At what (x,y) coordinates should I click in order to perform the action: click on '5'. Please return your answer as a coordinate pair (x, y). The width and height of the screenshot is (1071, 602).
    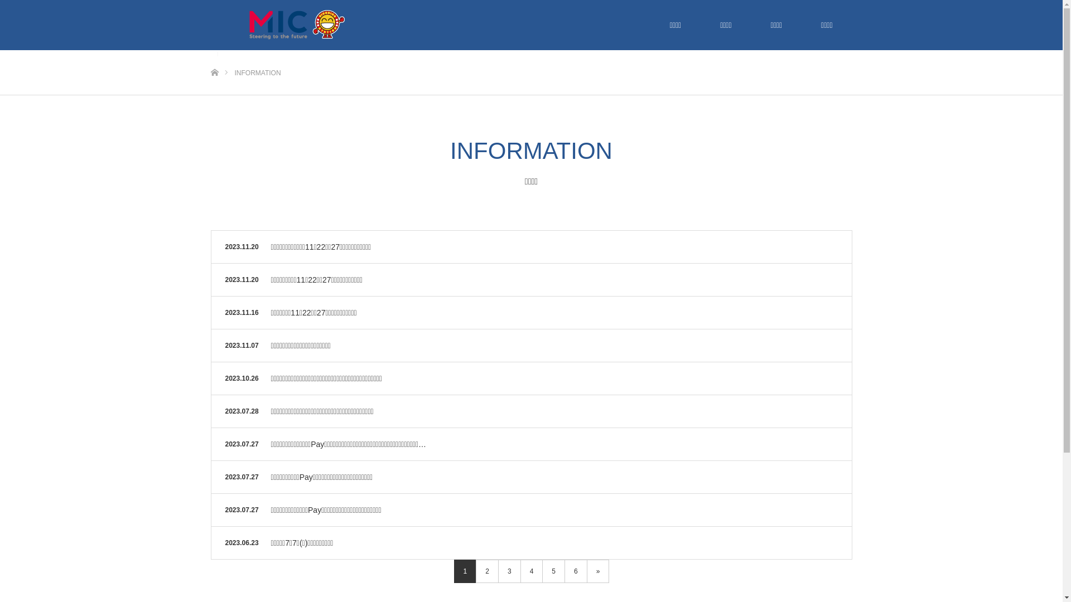
    Looking at the image, I should click on (542, 571).